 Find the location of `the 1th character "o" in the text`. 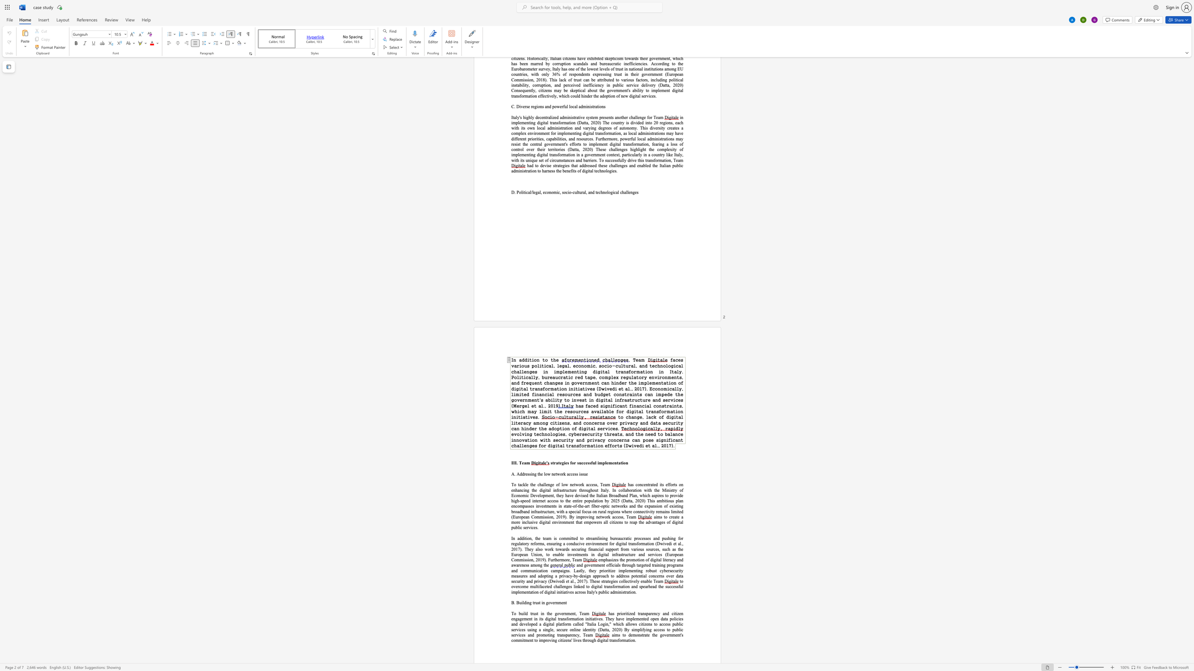

the 1th character "o" in the text is located at coordinates (520, 192).